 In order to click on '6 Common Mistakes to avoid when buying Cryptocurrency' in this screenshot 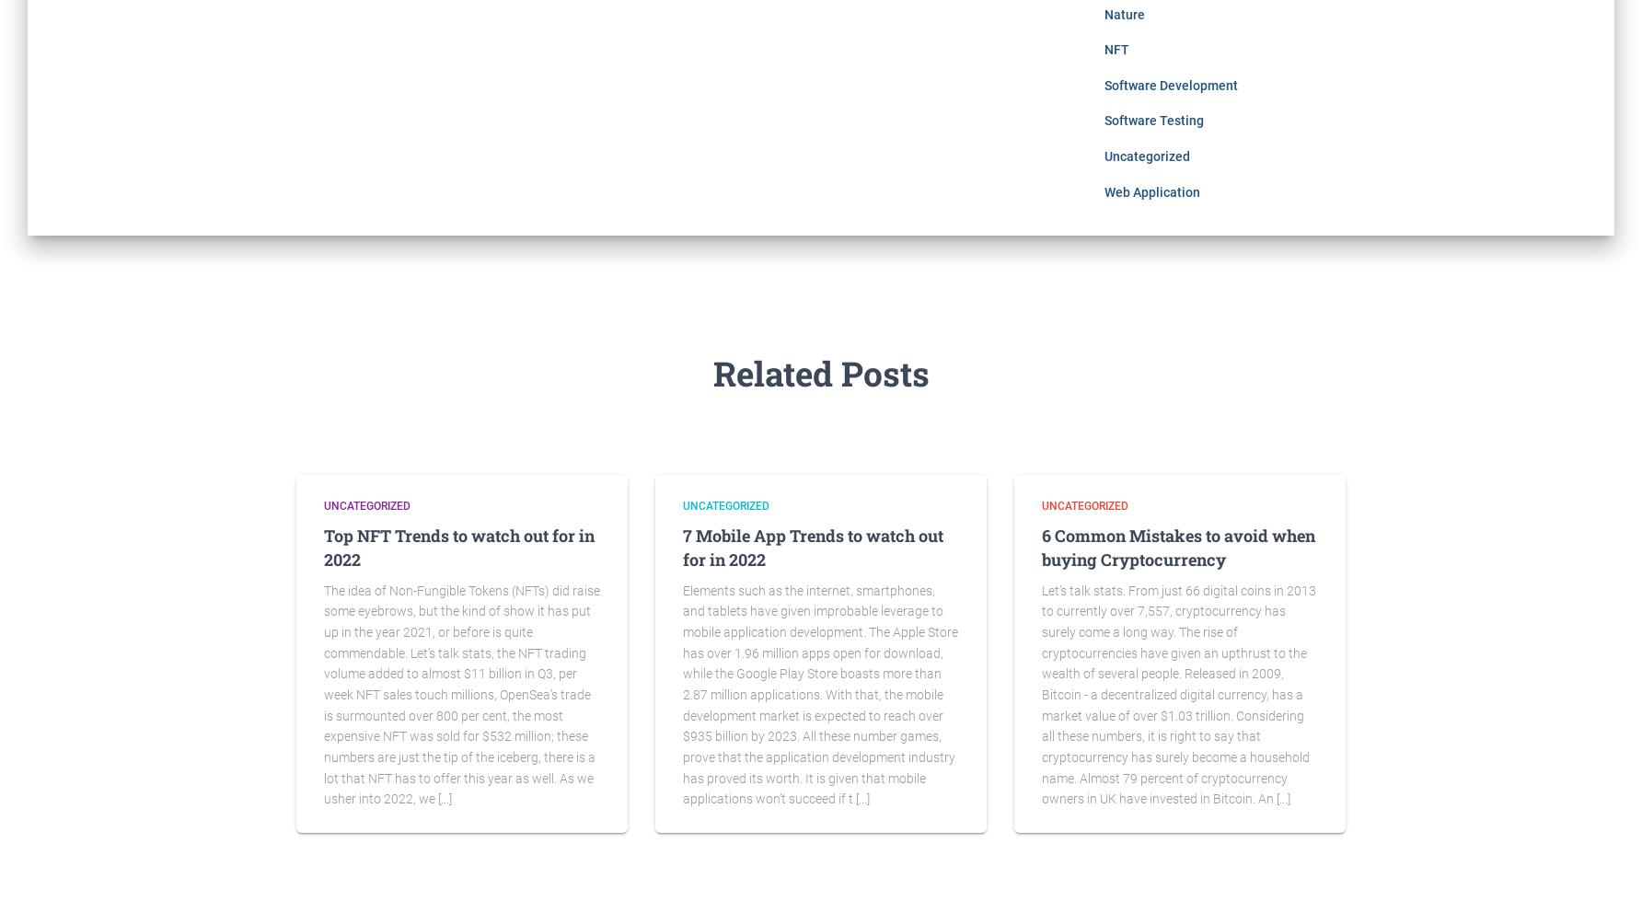, I will do `click(1041, 547)`.